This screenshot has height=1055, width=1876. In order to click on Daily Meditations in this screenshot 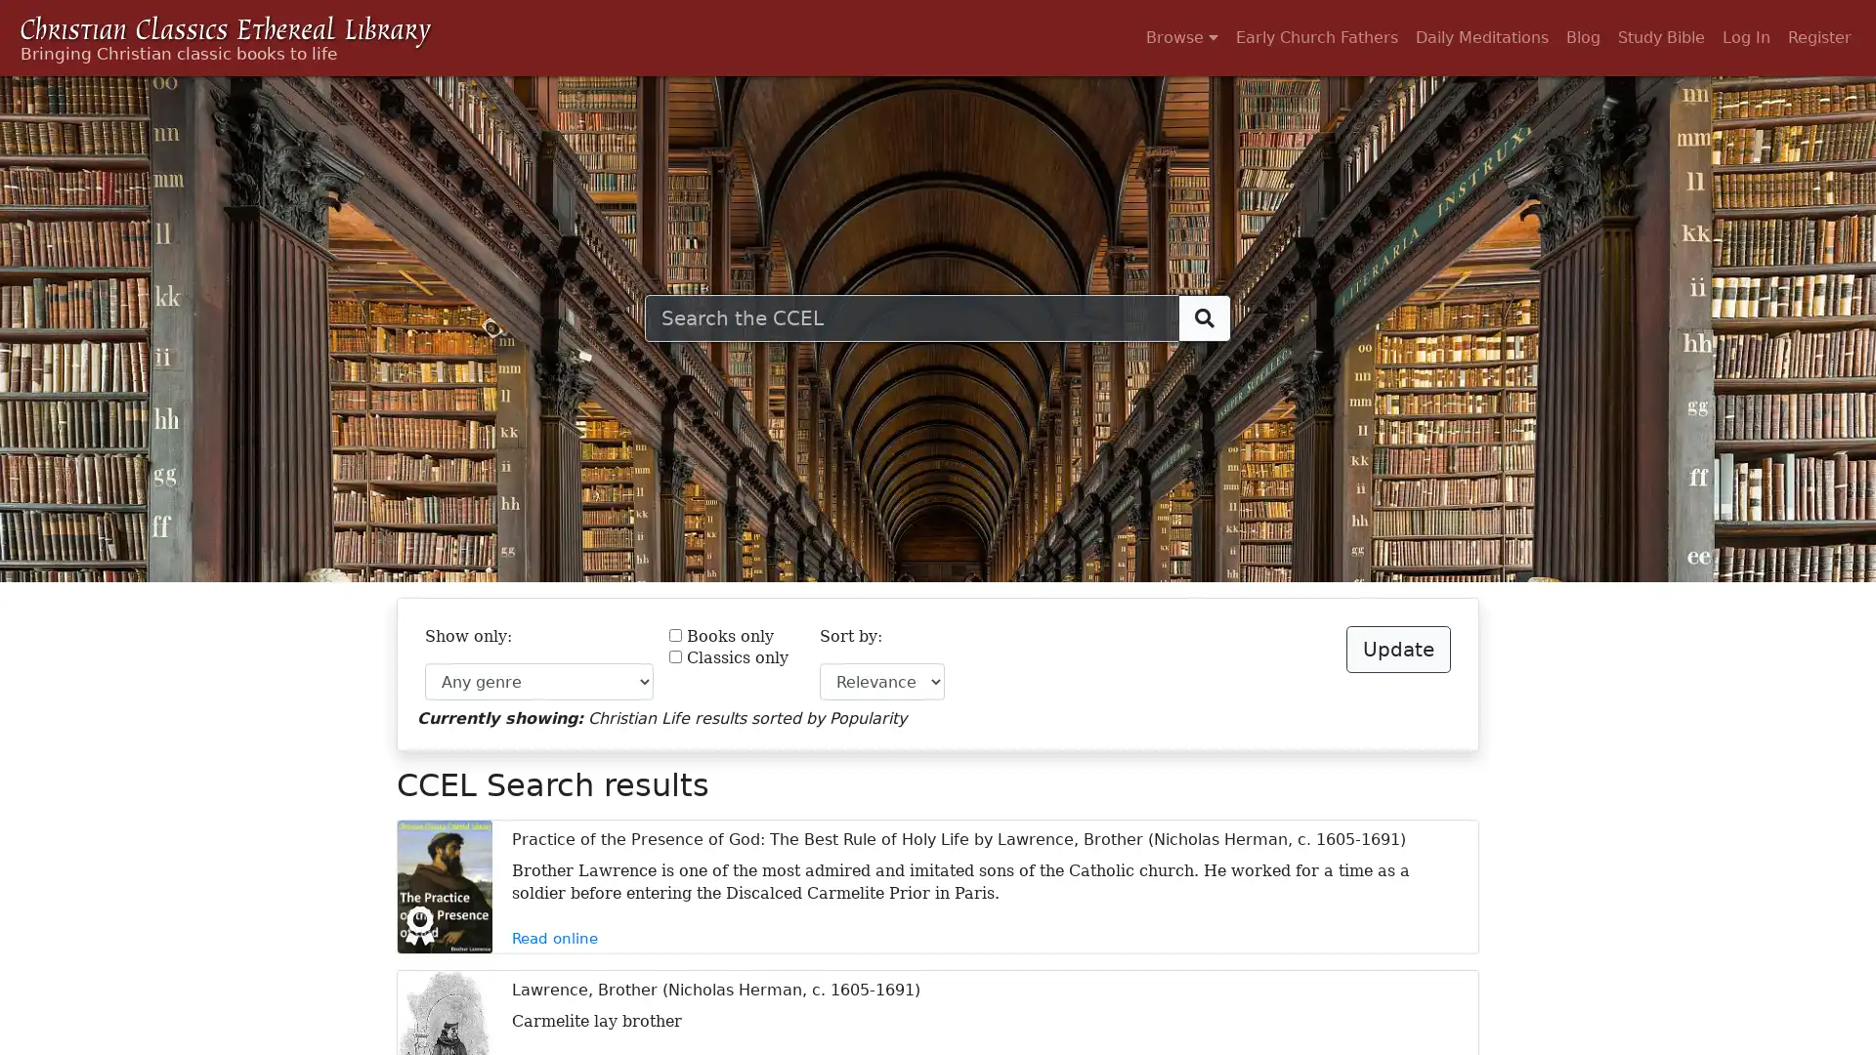, I will do `click(1481, 37)`.